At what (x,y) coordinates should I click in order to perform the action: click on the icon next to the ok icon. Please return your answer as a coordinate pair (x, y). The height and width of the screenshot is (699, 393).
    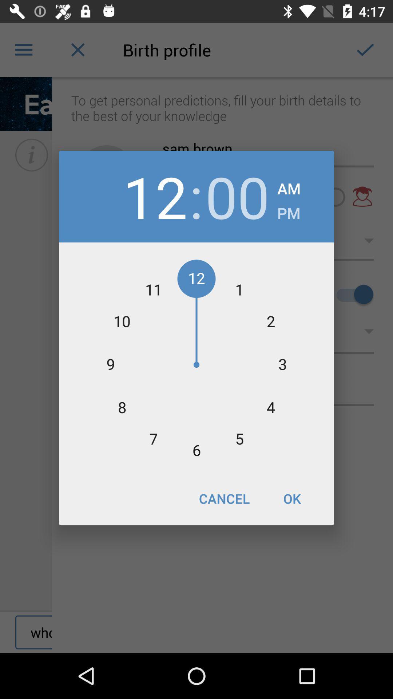
    Looking at the image, I should click on (224, 498).